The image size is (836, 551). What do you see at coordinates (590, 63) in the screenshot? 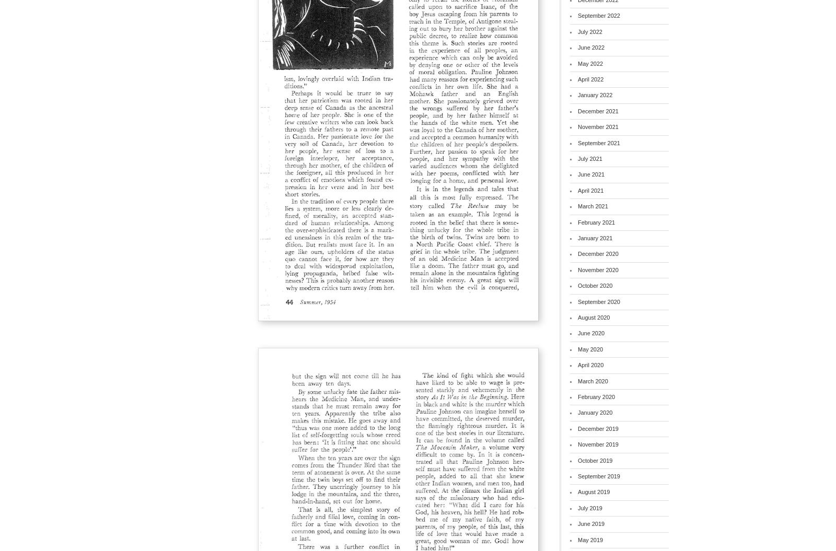
I see `'May 2022'` at bounding box center [590, 63].